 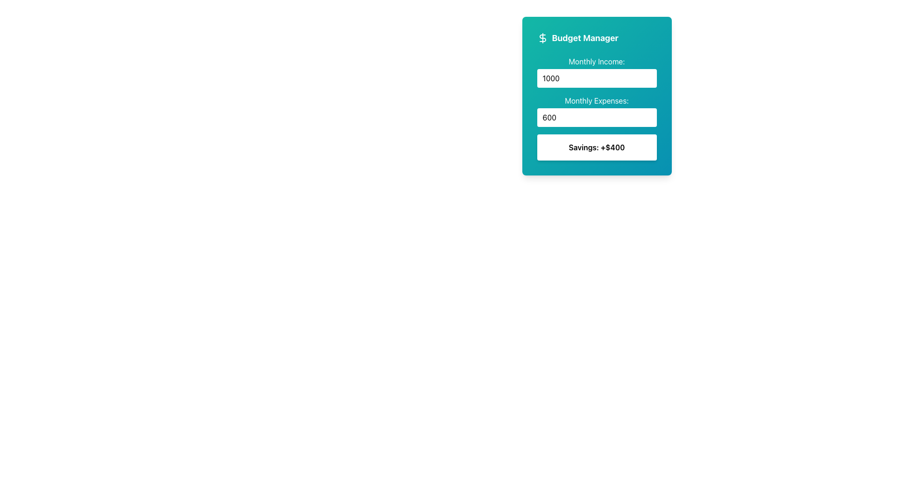 What do you see at coordinates (596, 61) in the screenshot?
I see `the static text label displaying 'Monthly Income:' which is styled in white text on a teal background, positioned at the top of the 'Budget Manager' card` at bounding box center [596, 61].